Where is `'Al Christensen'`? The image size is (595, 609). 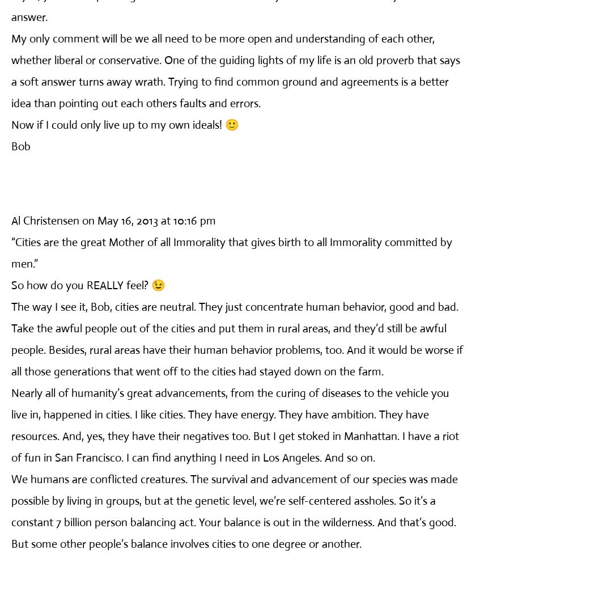
'Al Christensen' is located at coordinates (11, 220).